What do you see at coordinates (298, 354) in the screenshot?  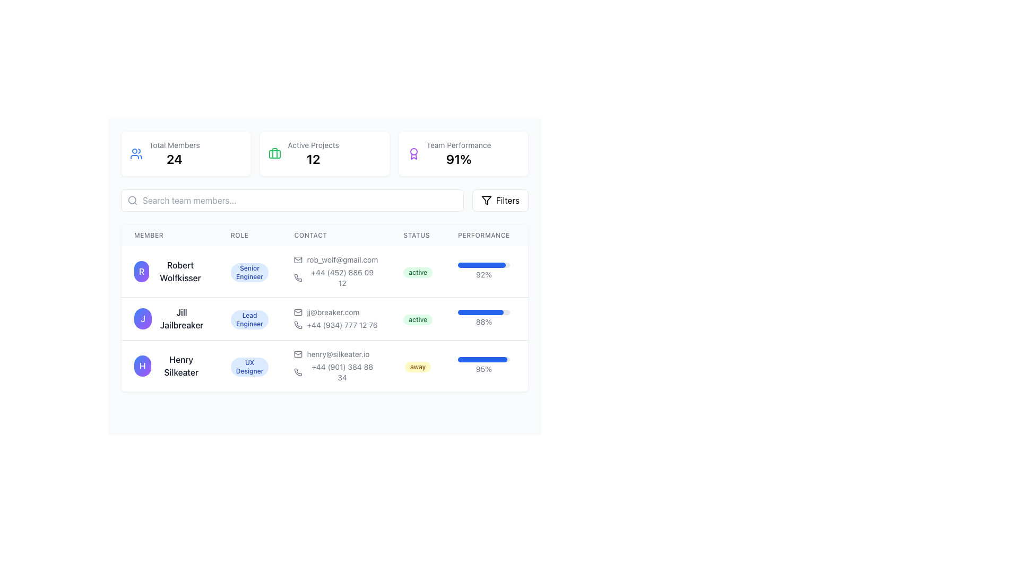 I see `the small gray envelope icon representing the mail symbol located in the 'Contact' column next to the email address 'henry@silkeater.io'` at bounding box center [298, 354].